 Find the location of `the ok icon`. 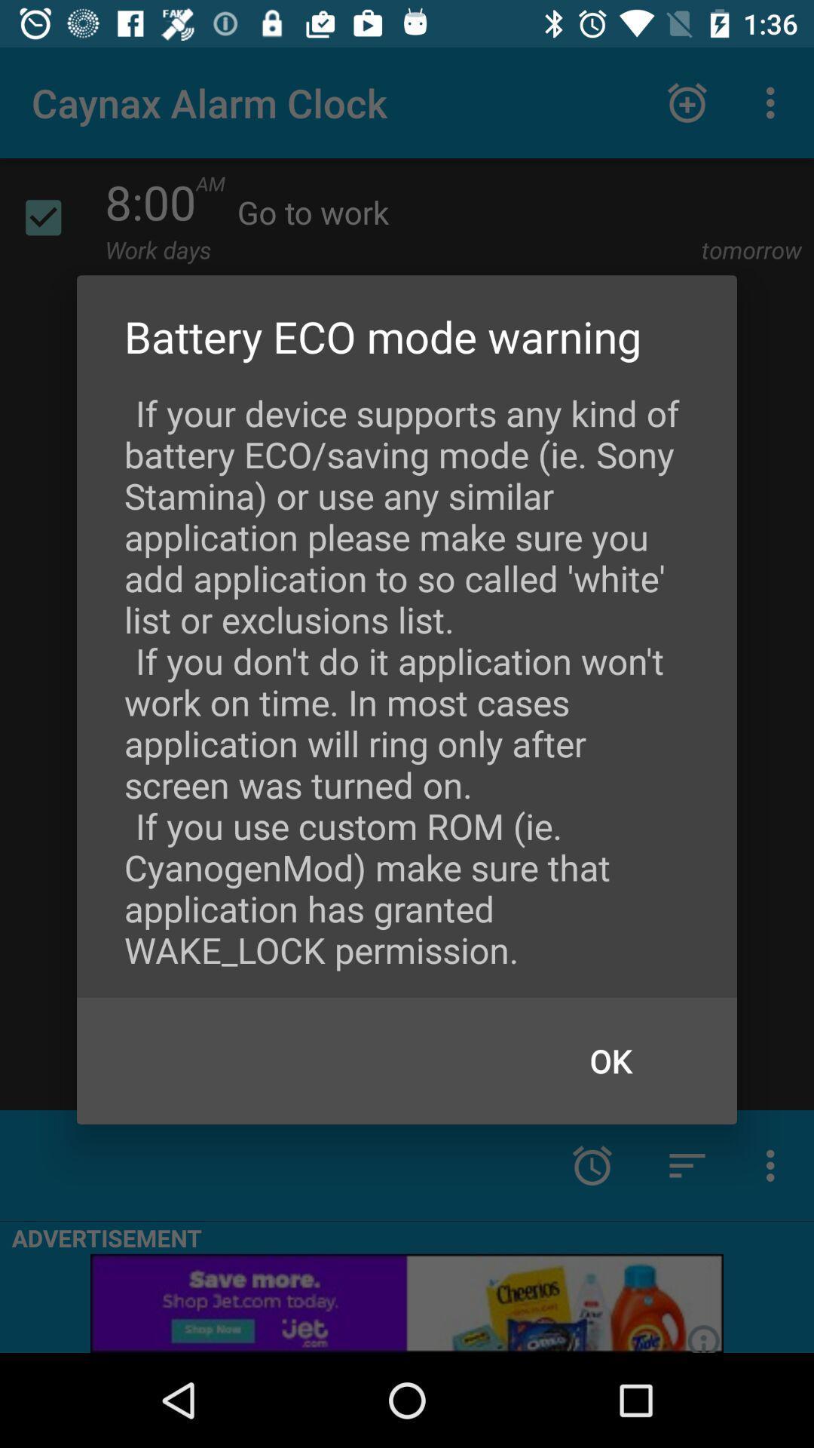

the ok icon is located at coordinates (610, 1060).